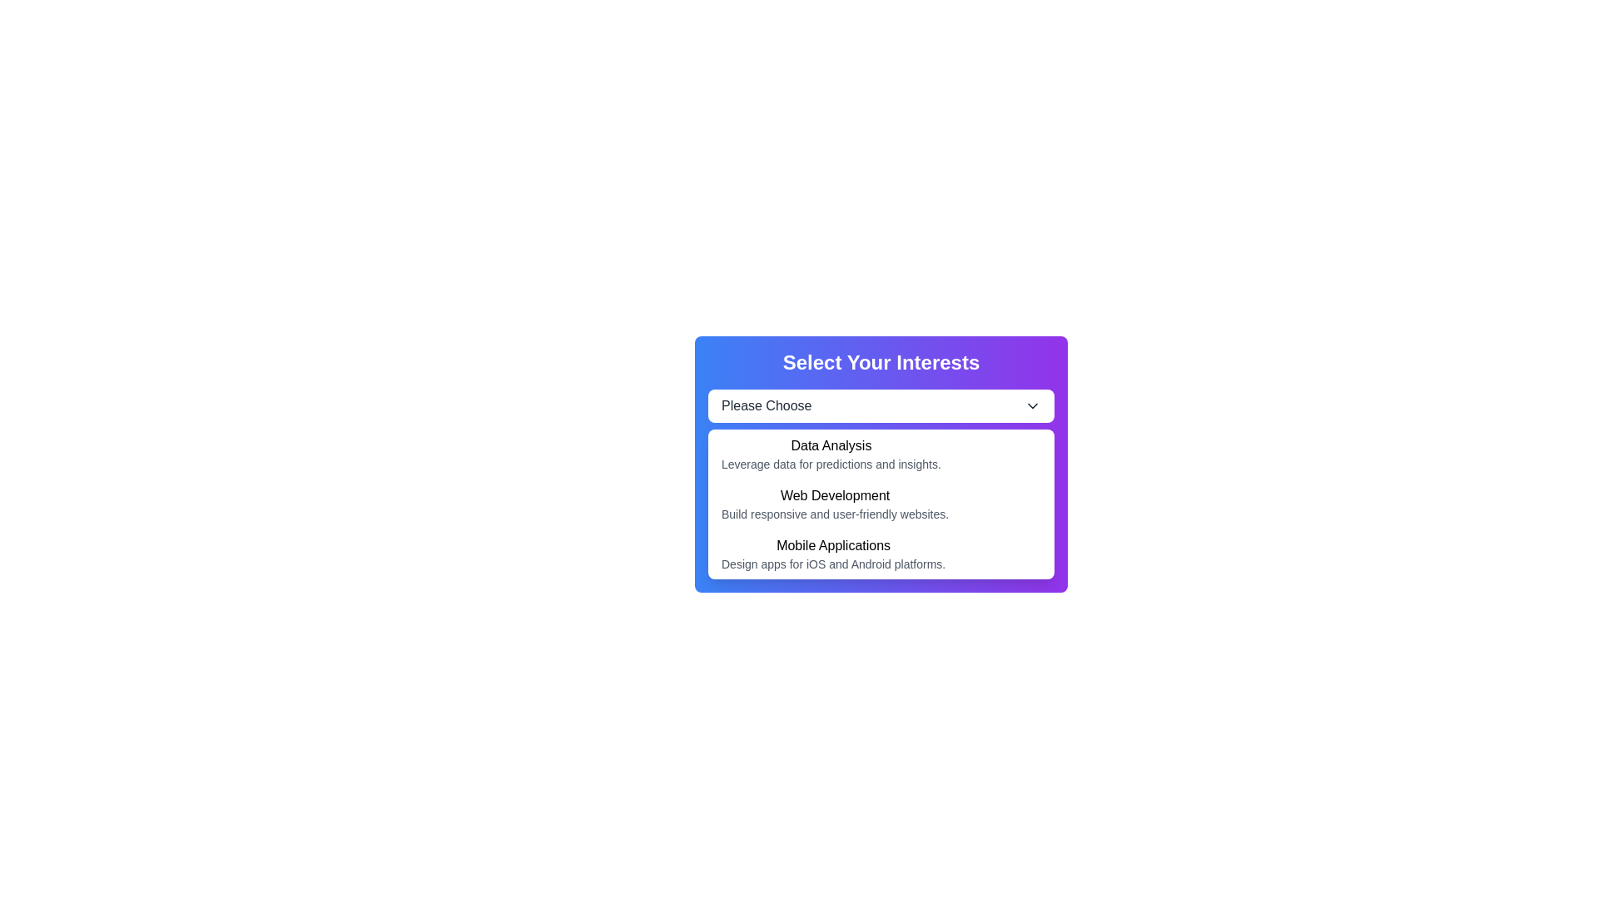  Describe the element at coordinates (833, 554) in the screenshot. I see `the text block titled 'Mobile Applications' with the subtitle 'Design apps for iOS and Android platforms', which is the third item in the list below the dropdown labeled 'Select Your Interests'` at that location.